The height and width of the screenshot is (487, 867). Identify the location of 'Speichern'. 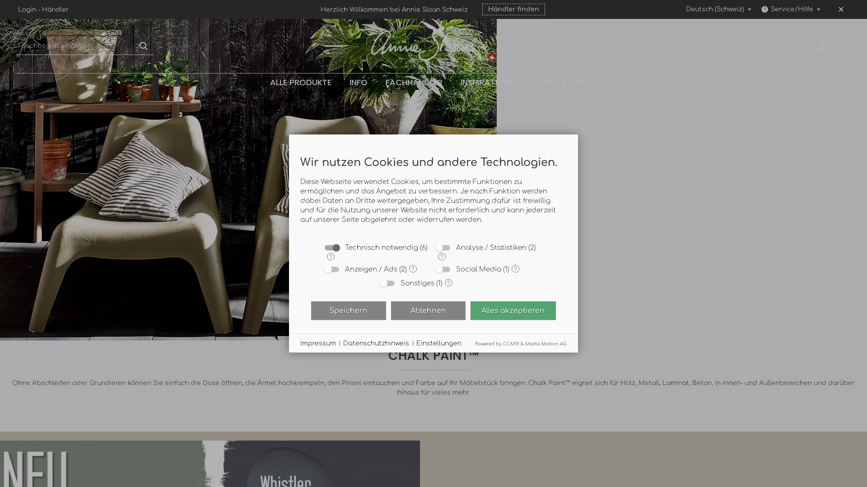
(348, 310).